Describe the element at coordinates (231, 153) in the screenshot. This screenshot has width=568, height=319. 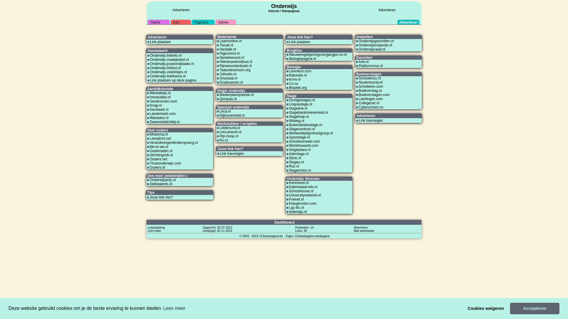
I see `'Link toevoegen'` at that location.